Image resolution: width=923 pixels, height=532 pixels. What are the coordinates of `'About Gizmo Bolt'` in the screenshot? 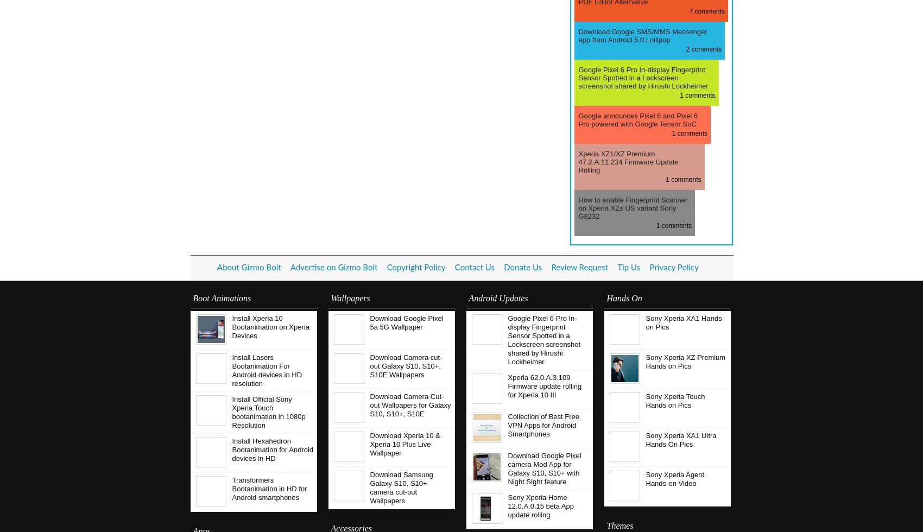 It's located at (248, 268).